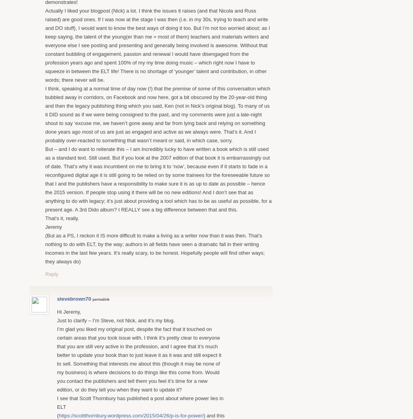 This screenshot has height=419, width=413. What do you see at coordinates (53, 226) in the screenshot?
I see `'Jeremy'` at bounding box center [53, 226].